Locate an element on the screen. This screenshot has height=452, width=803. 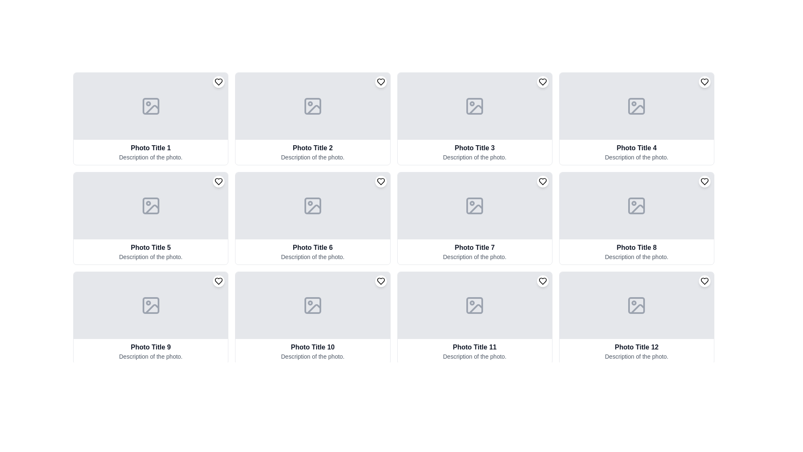
the SVG graphical element representing the image icon associated with 'Photo Title 3' in the top-right quadrant of its card, indicating where an image would be displayed is located at coordinates (475, 106).